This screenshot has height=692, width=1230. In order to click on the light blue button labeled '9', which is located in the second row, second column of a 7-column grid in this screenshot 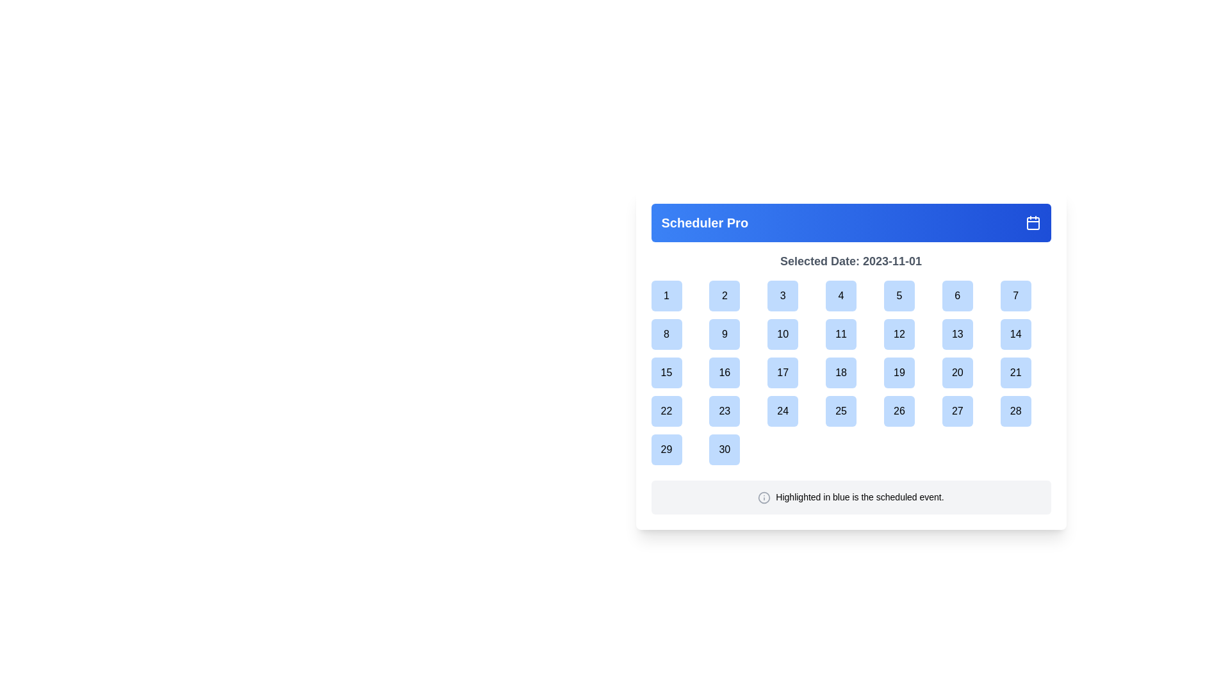, I will do `click(734, 333)`.